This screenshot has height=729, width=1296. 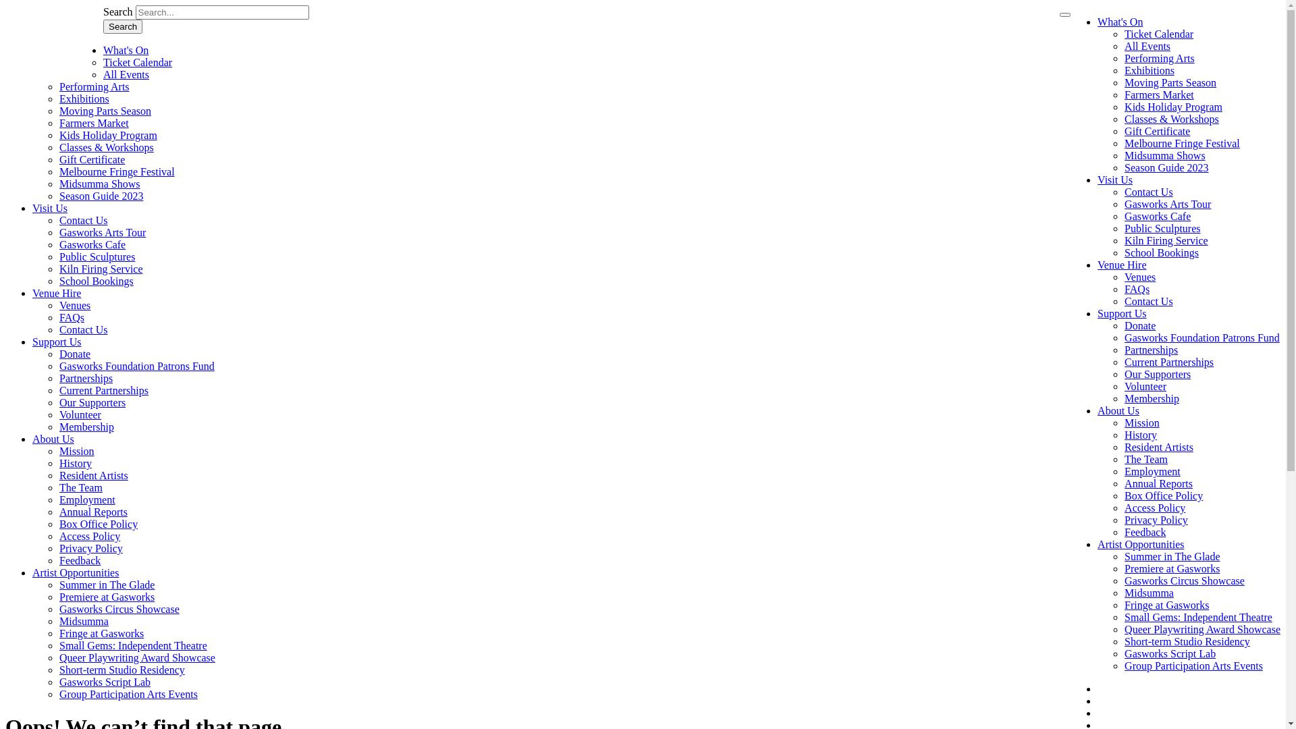 What do you see at coordinates (1098, 265) in the screenshot?
I see `'Venue Hire'` at bounding box center [1098, 265].